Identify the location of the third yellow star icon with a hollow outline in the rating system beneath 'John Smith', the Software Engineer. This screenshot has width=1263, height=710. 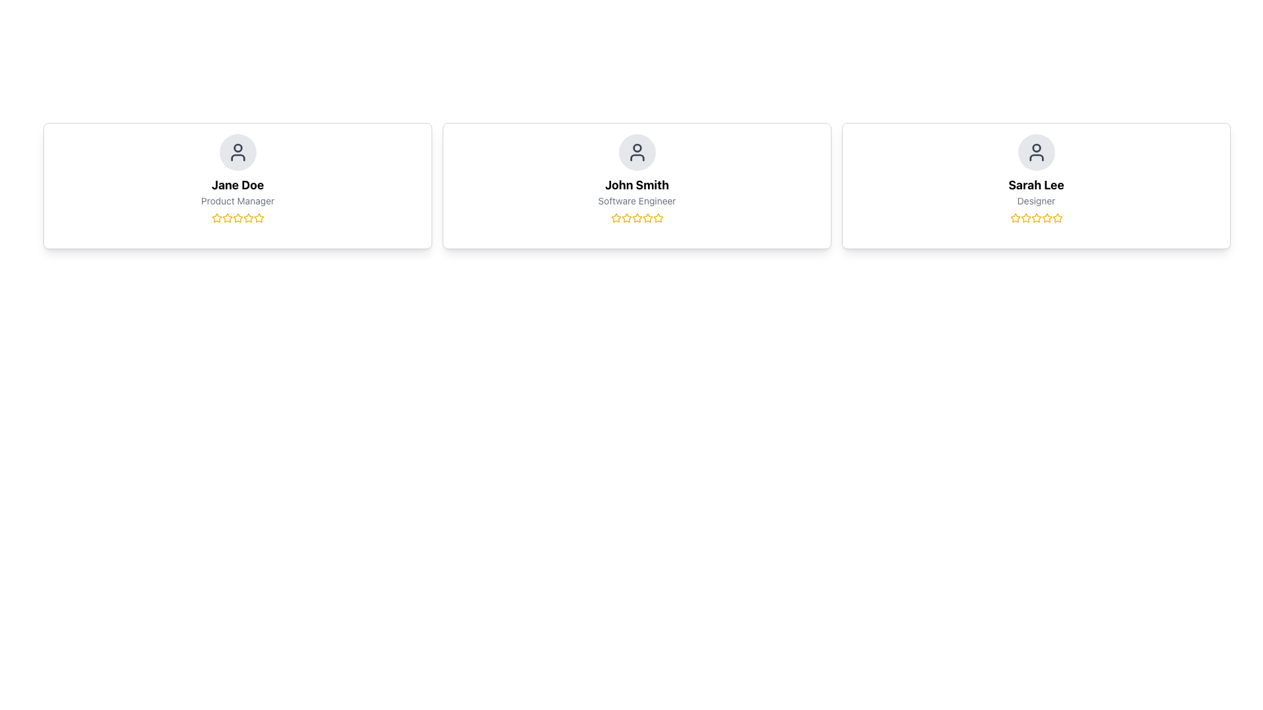
(626, 217).